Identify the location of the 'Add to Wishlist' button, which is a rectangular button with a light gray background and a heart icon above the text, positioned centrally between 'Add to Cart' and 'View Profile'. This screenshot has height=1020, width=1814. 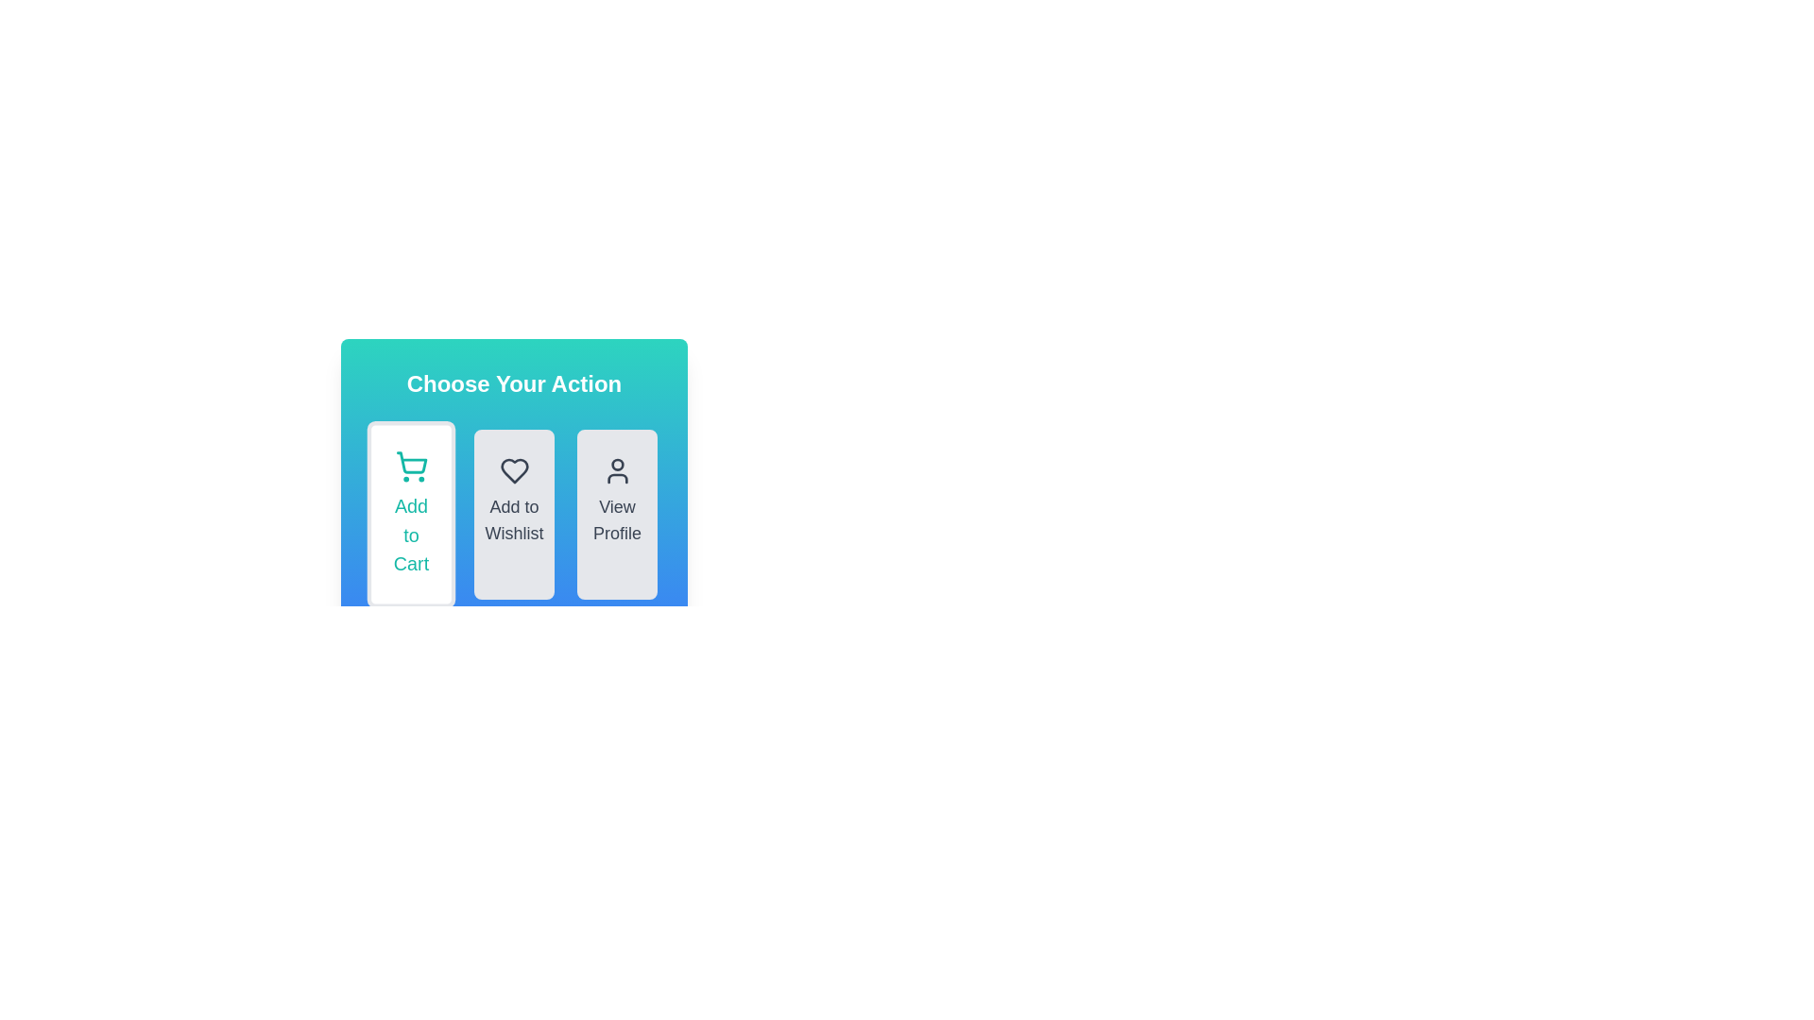
(514, 514).